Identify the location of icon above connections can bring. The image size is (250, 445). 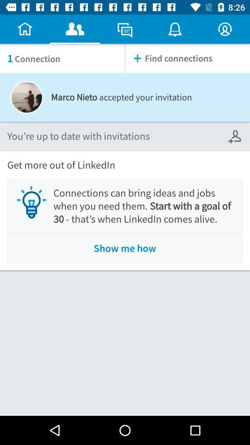
(235, 136).